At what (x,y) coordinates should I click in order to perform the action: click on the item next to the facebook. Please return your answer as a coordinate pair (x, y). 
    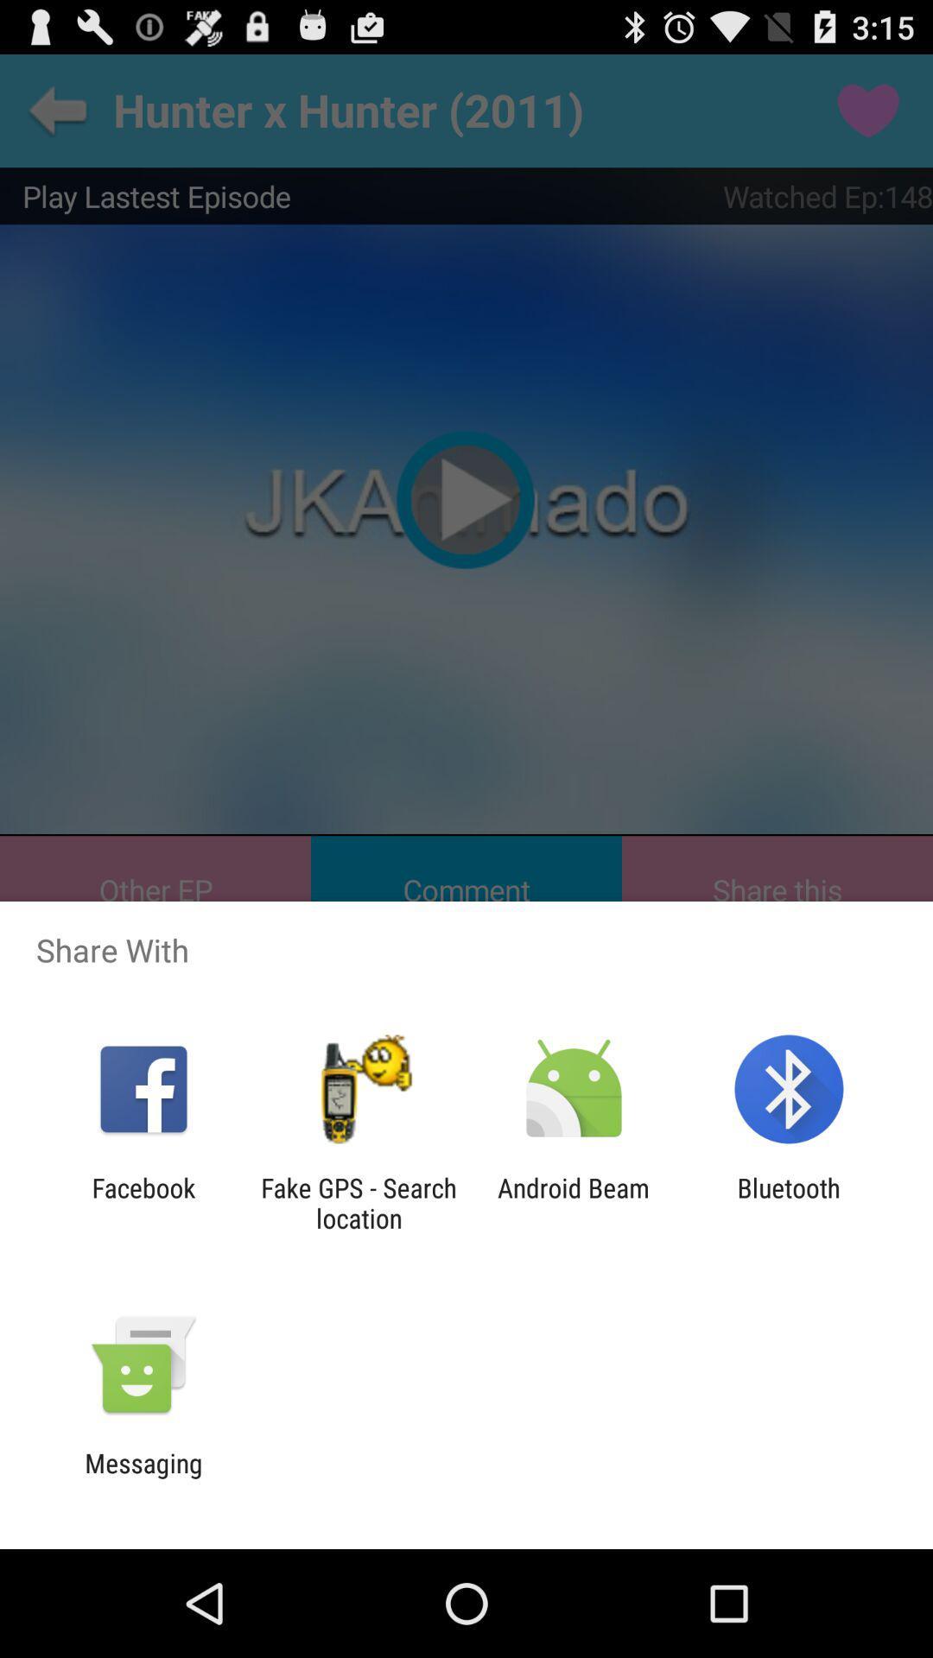
    Looking at the image, I should click on (358, 1202).